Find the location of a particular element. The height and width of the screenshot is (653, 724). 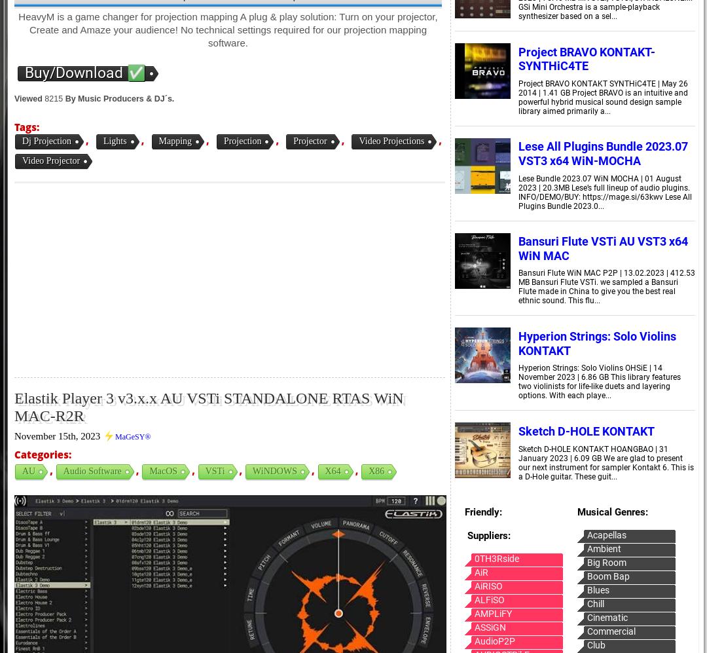

'November 15th, 2023 ⚡' is located at coordinates (64, 436).